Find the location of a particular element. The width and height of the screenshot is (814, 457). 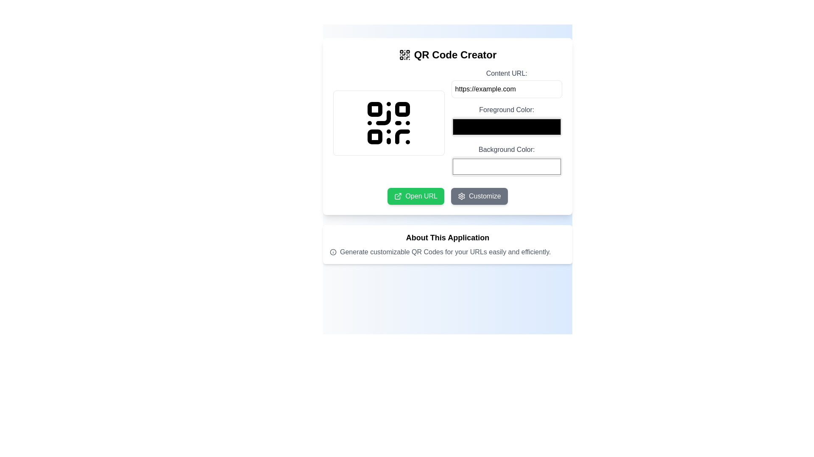

the color selectors in the Configuration Panel, which is part of the QR Code Creator section is located at coordinates (447, 123).